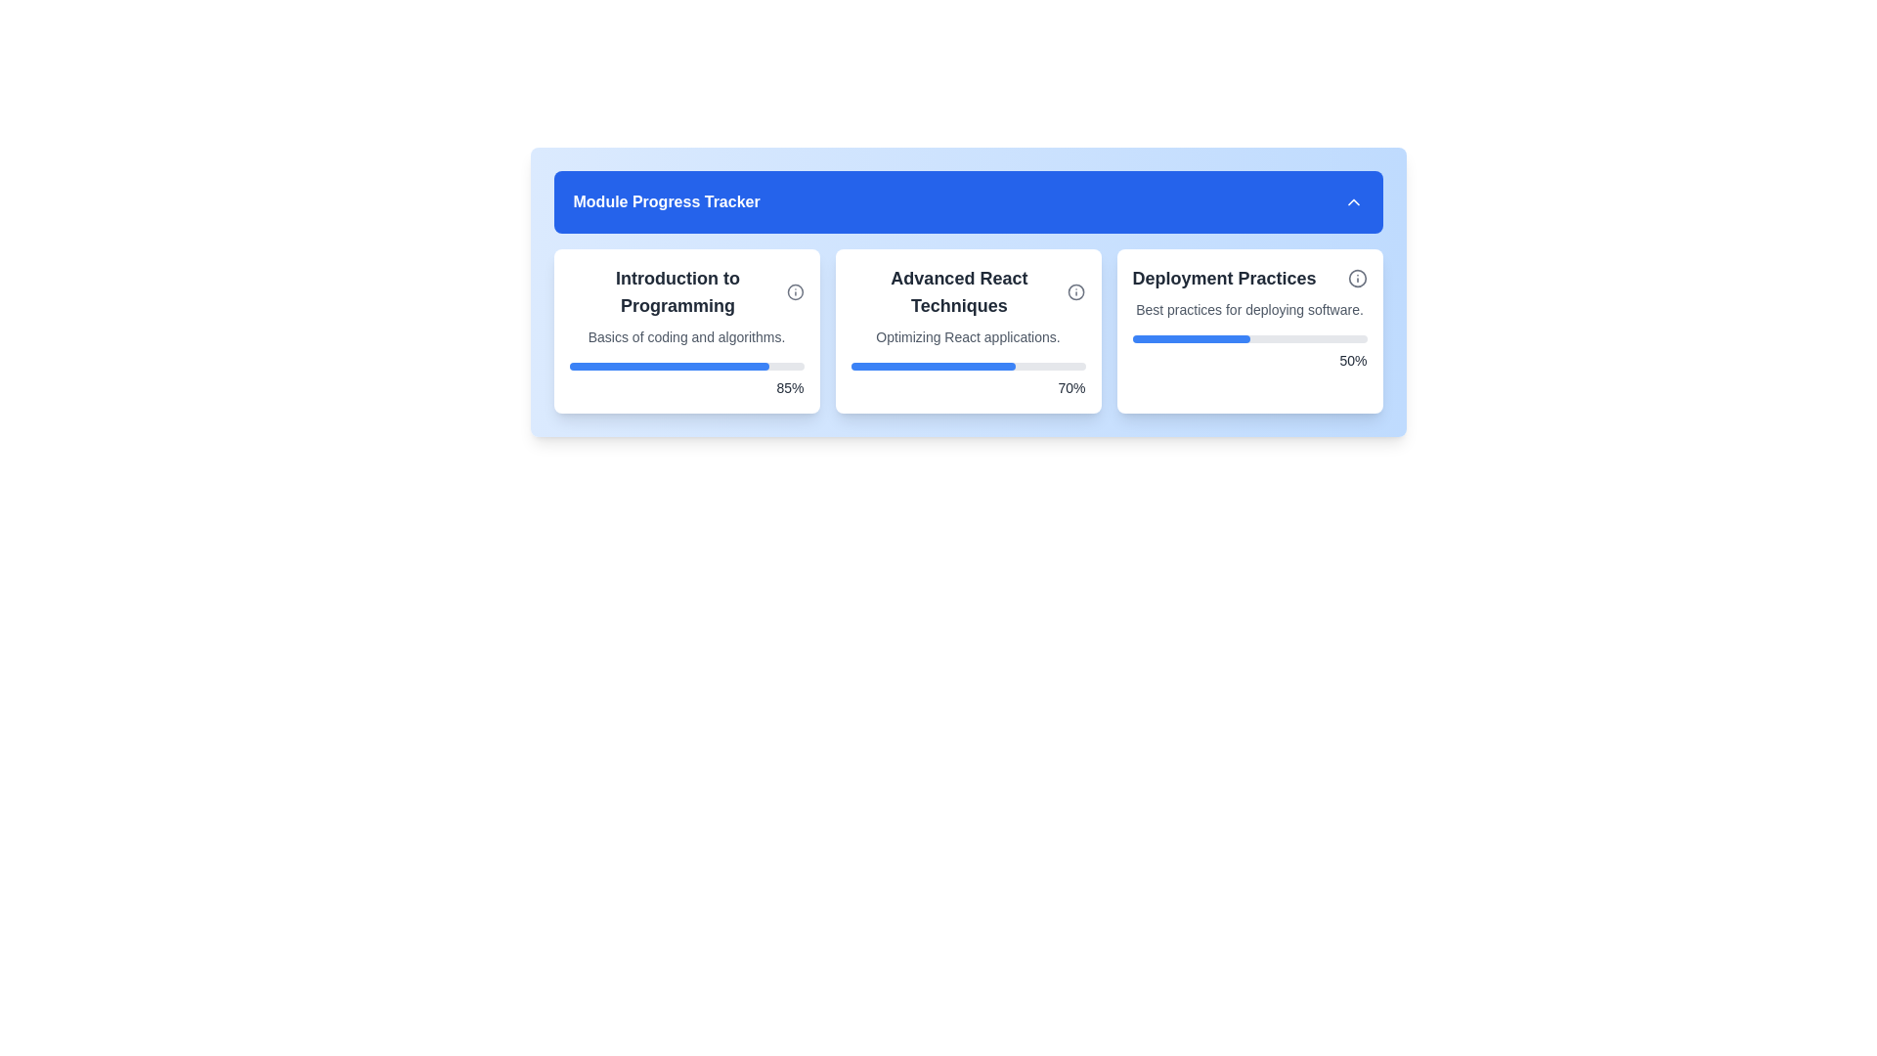 This screenshot has height=1056, width=1877. I want to click on the horizontal progress bar with a light gray background and blue filled portion, located in the card titled 'Introduction to Programming', centered horizontally and showing '85%' progress, so click(686, 366).